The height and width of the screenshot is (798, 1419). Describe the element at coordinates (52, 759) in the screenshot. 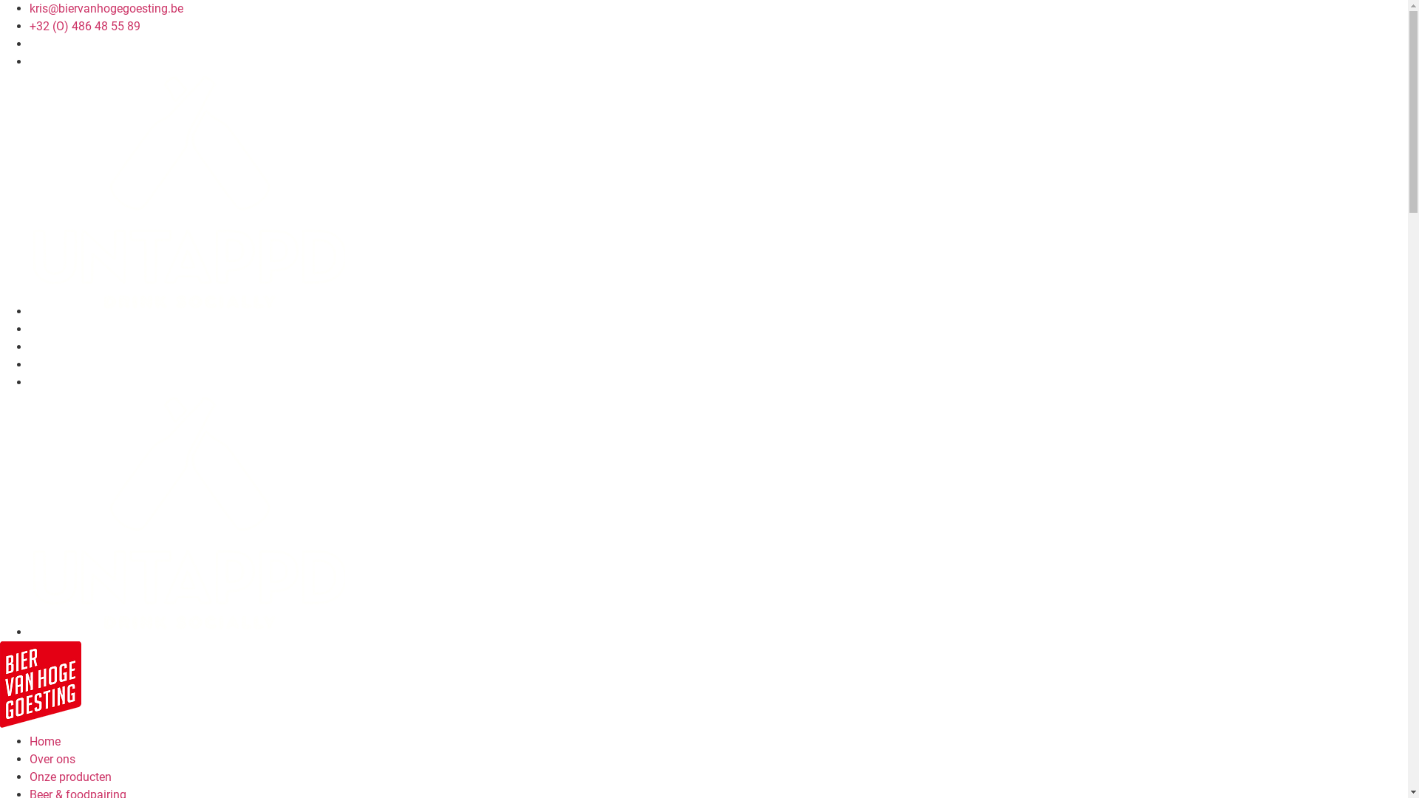

I see `'Over ons'` at that location.